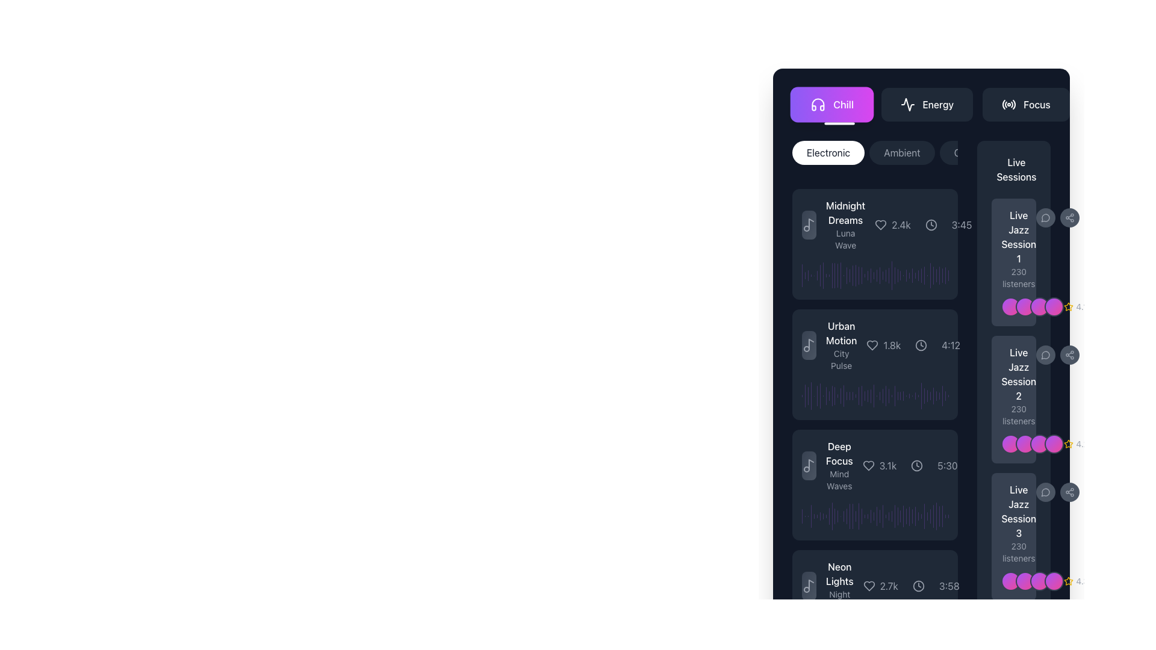  What do you see at coordinates (874, 515) in the screenshot?
I see `the 27th vertical bar of the visual indicator group located beneath the text 'Live Jazz Session 3'` at bounding box center [874, 515].